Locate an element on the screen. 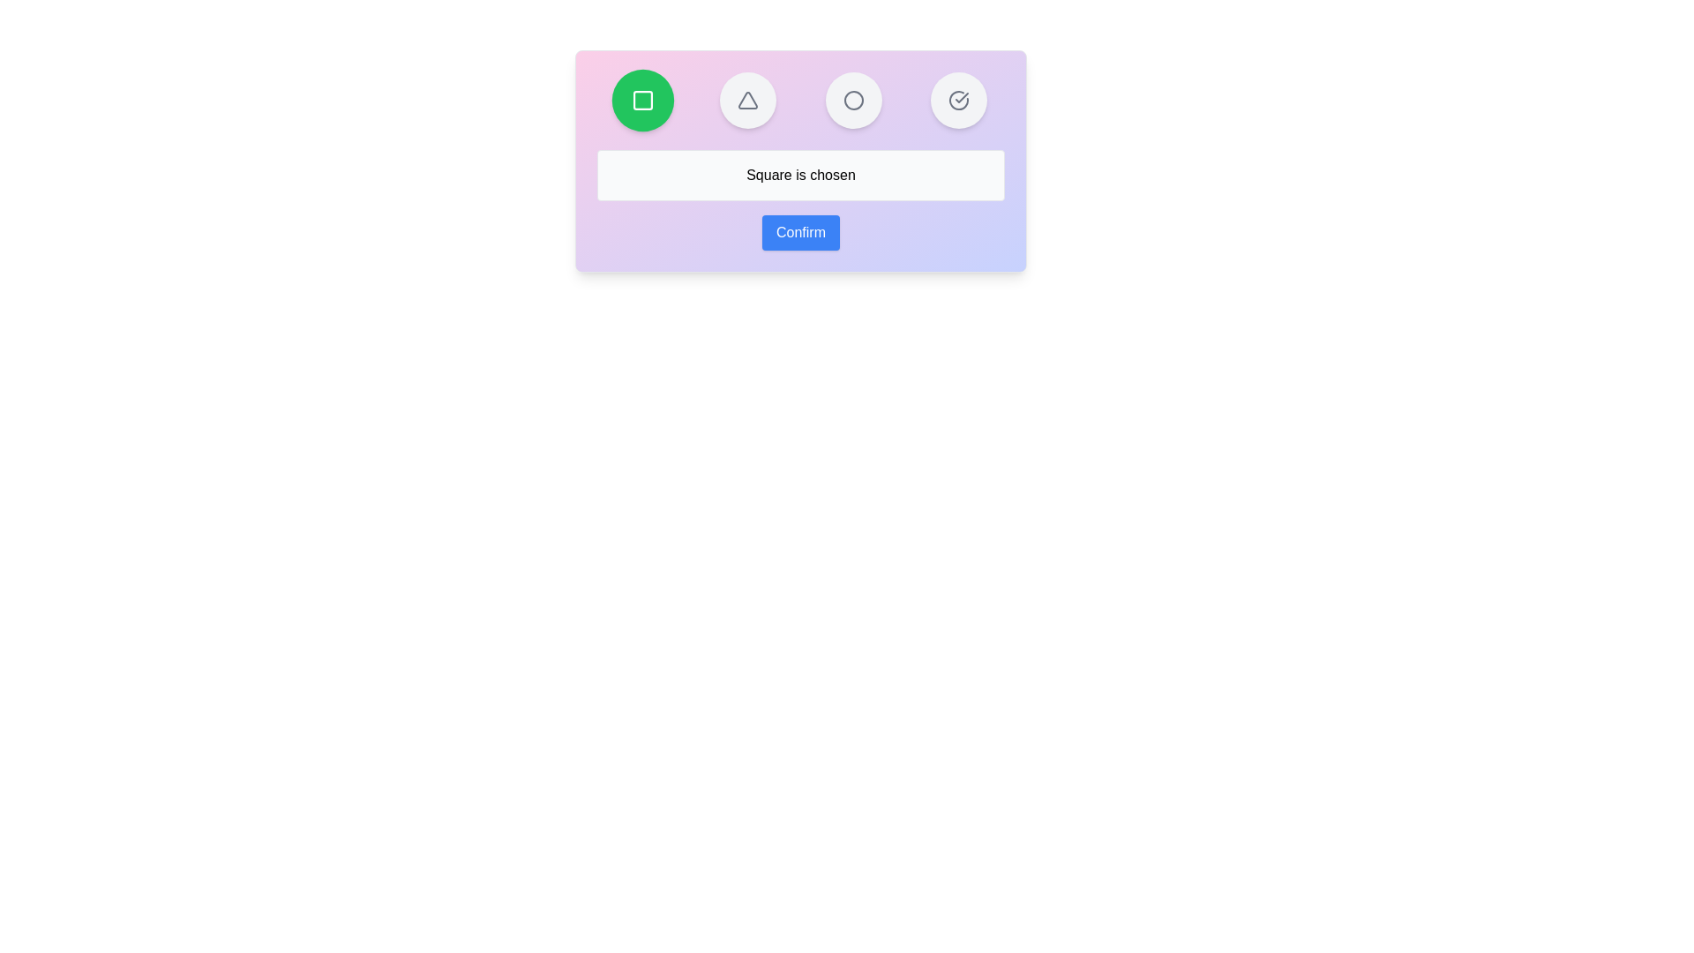 The image size is (1694, 953). the button representing the shape Square to select it is located at coordinates (641, 101).